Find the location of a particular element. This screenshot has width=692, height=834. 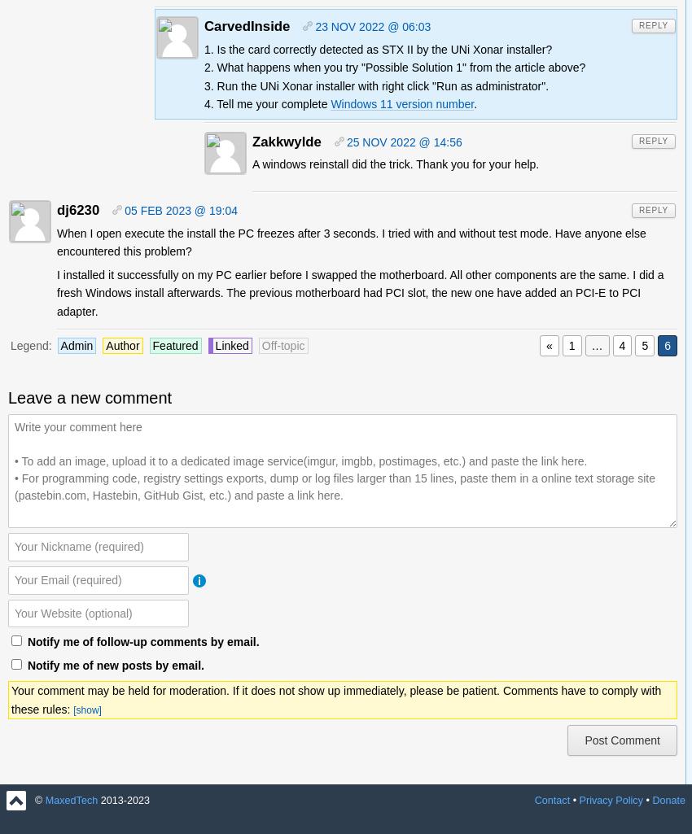

'Donate' is located at coordinates (668, 800).